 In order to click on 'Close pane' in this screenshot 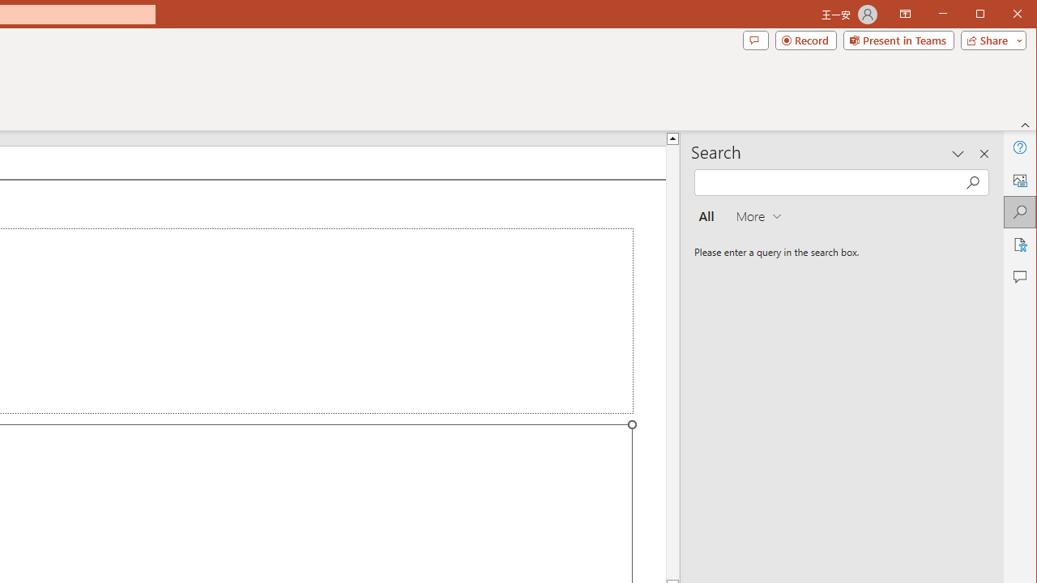, I will do `click(984, 154)`.